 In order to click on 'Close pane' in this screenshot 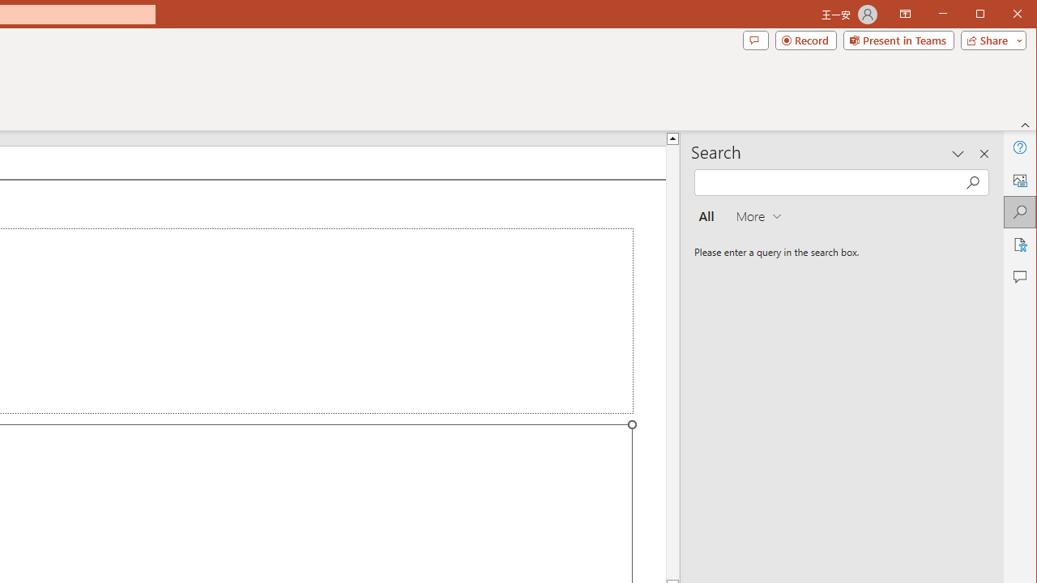, I will do `click(984, 154)`.